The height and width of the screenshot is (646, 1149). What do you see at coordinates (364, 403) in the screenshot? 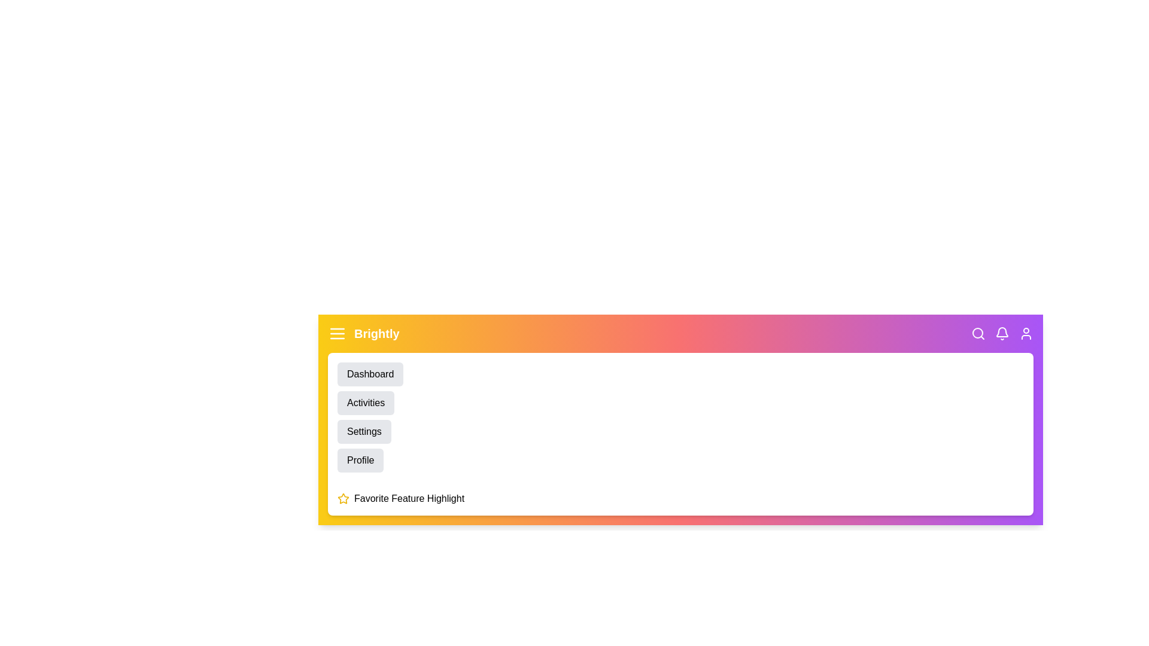
I see `the 'Activities' menu item` at bounding box center [364, 403].